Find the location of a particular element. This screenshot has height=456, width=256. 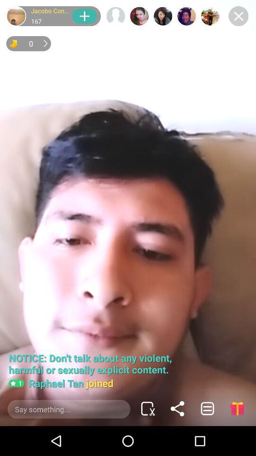

the gift icon is located at coordinates (237, 408).